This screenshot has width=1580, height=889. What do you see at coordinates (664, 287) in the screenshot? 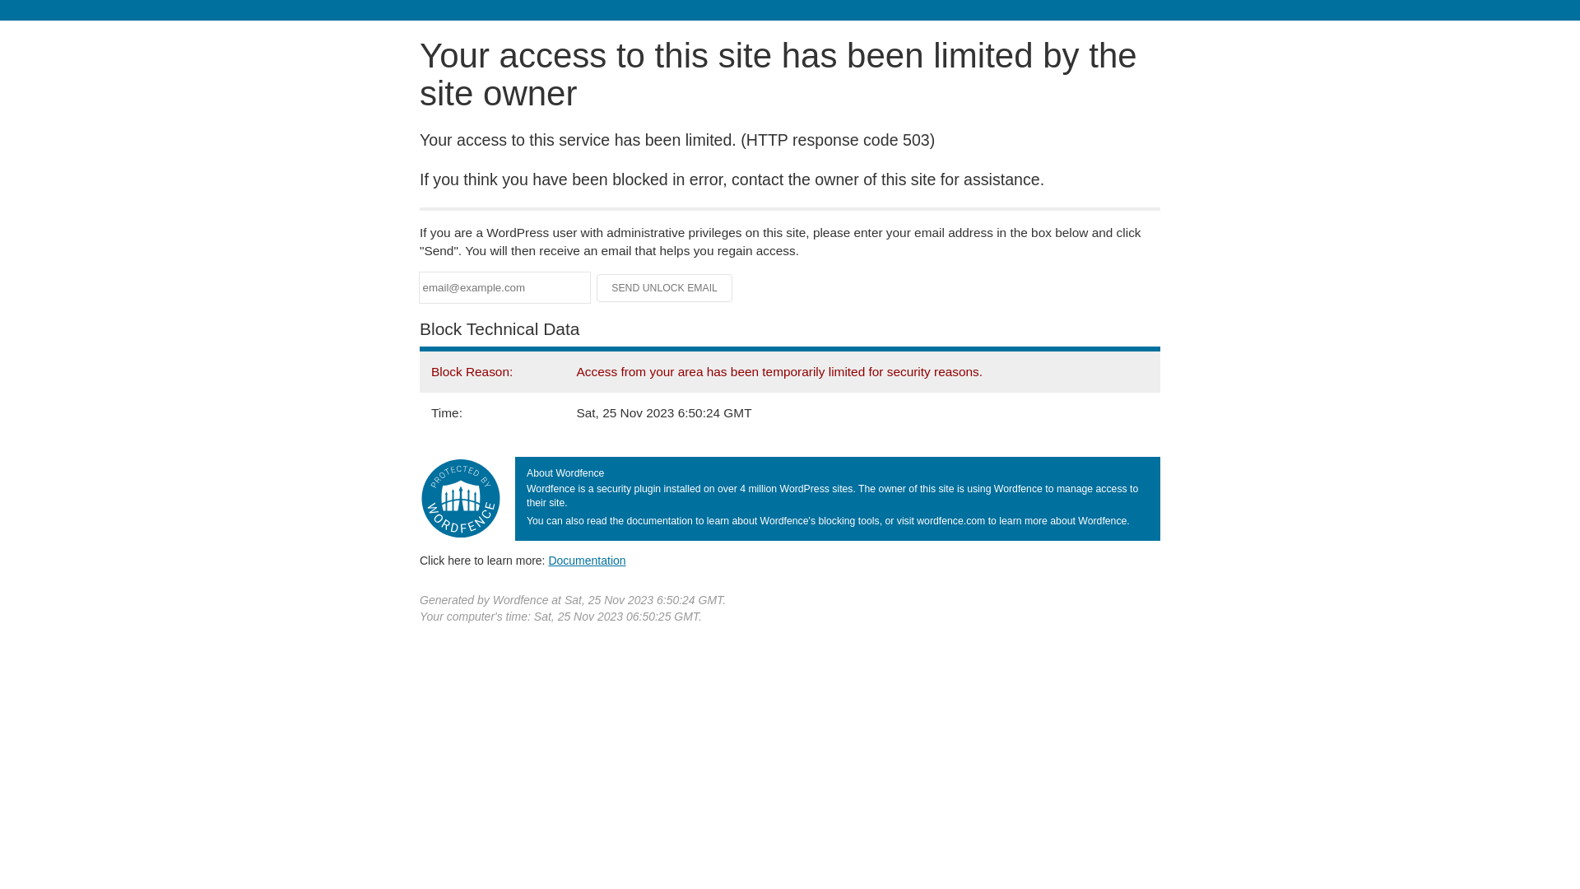
I see `'Send Unlock Email'` at bounding box center [664, 287].